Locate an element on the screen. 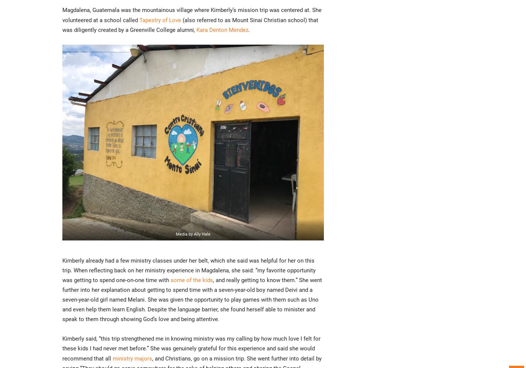 The image size is (526, 368). 'some of the kids' is located at coordinates (192, 279).